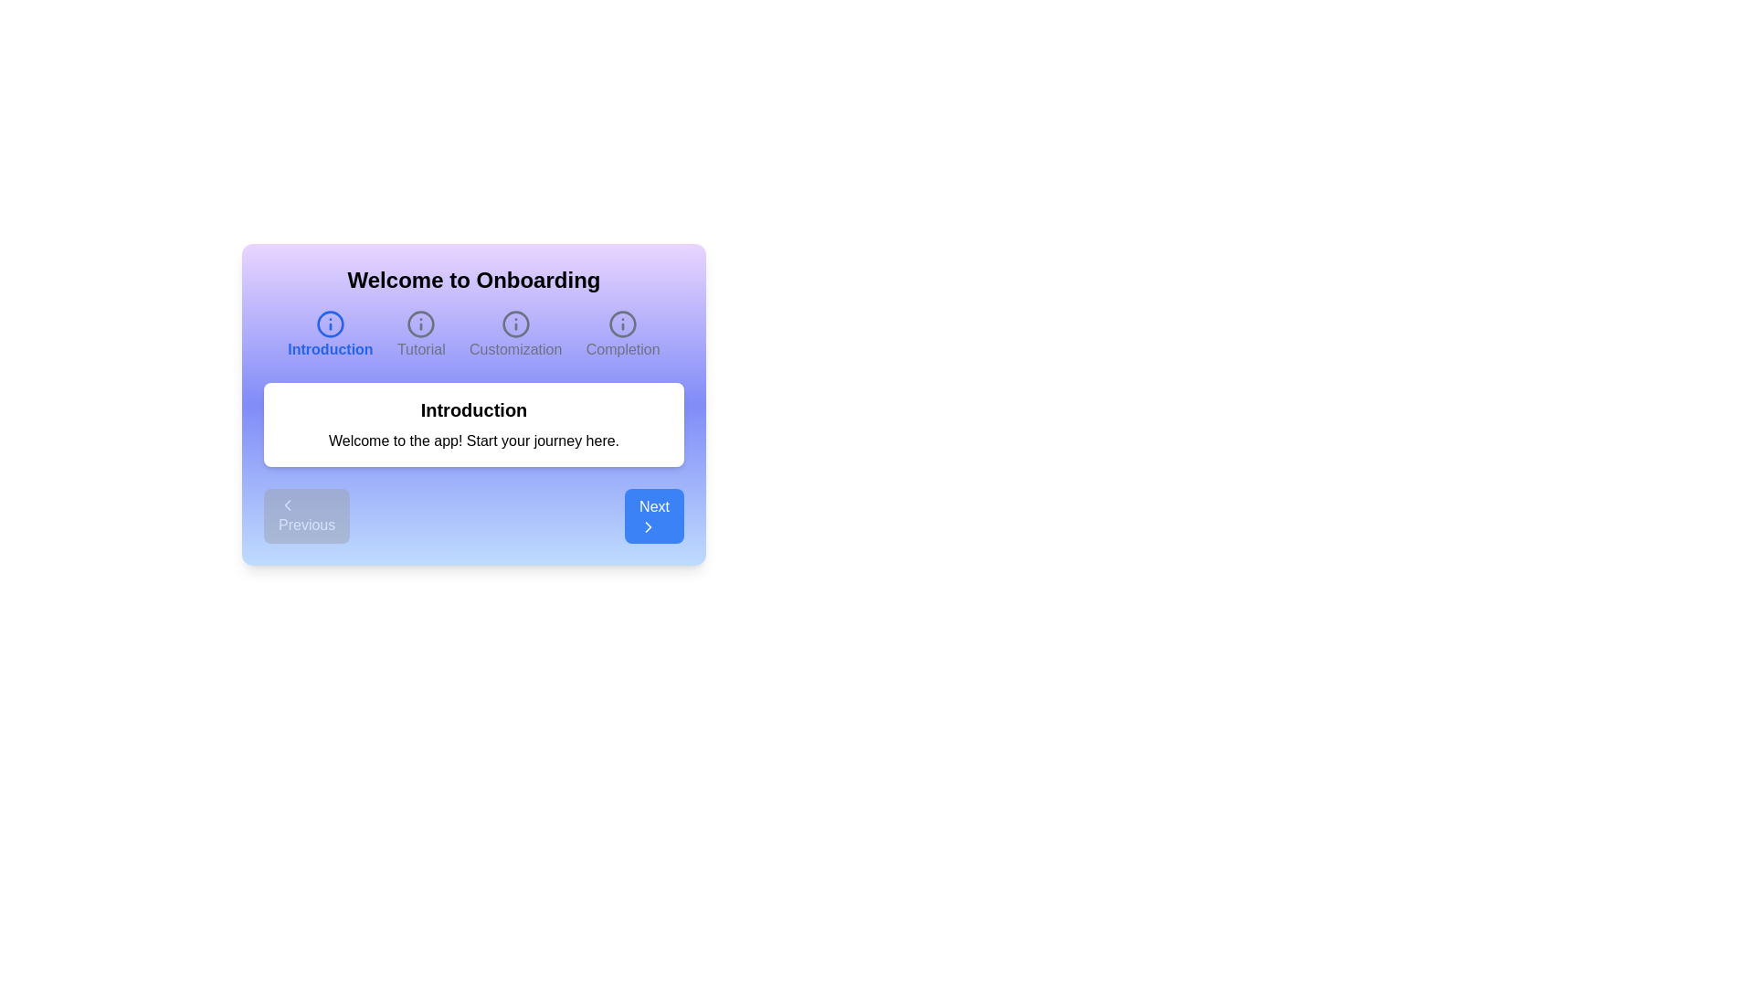  I want to click on the chevron arrow icon located inside the blue 'Next' button at the lower-right corner of the modal interface, so click(649, 527).